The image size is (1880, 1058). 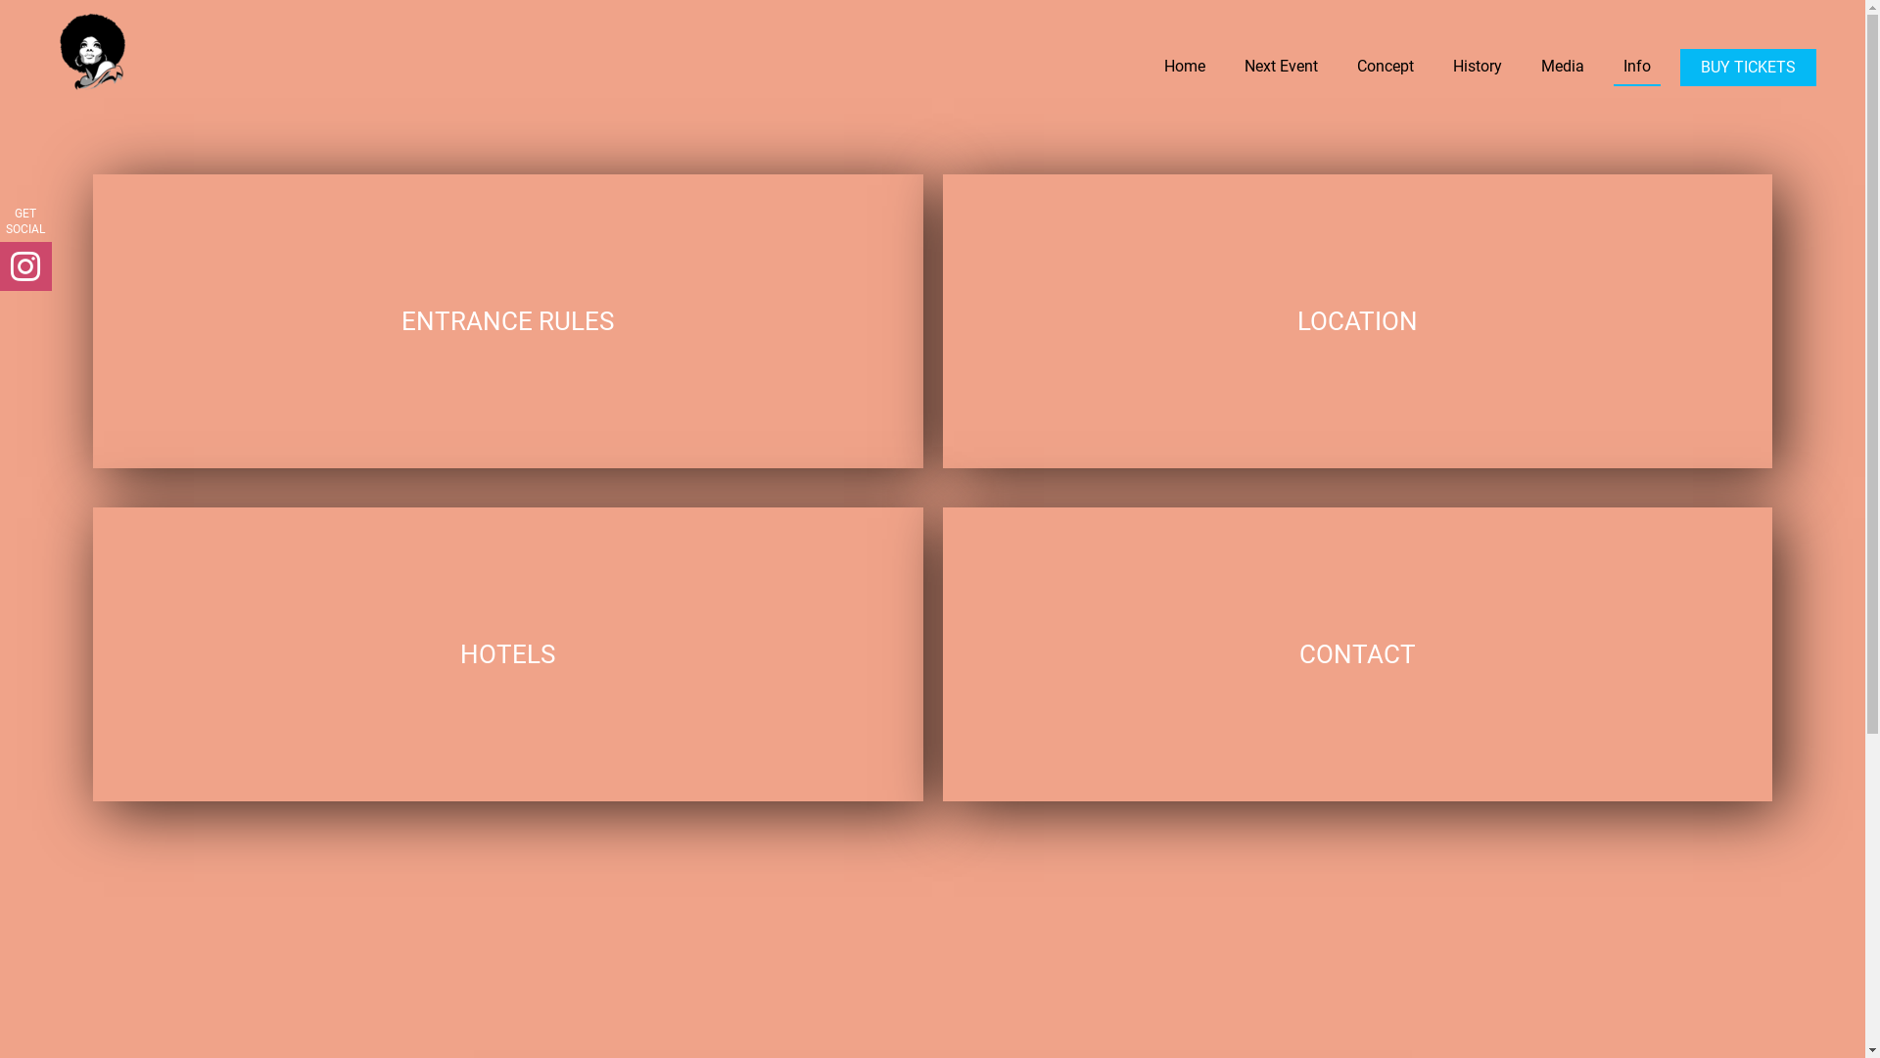 I want to click on 'HOTELS', so click(x=507, y=653).